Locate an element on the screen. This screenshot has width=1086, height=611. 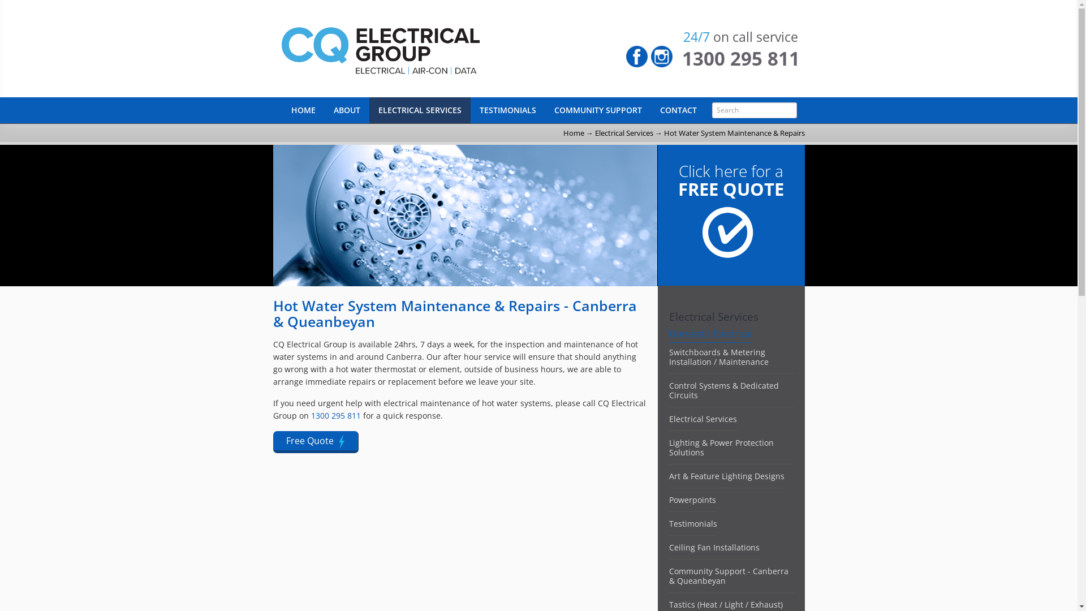
'1300 295 811' is located at coordinates (741, 58).